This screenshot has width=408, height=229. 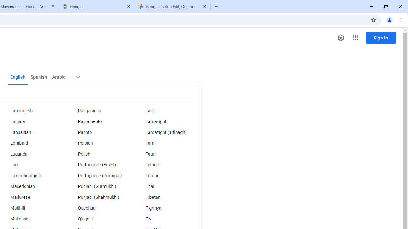 I want to click on 'Tamazight', so click(x=167, y=122).